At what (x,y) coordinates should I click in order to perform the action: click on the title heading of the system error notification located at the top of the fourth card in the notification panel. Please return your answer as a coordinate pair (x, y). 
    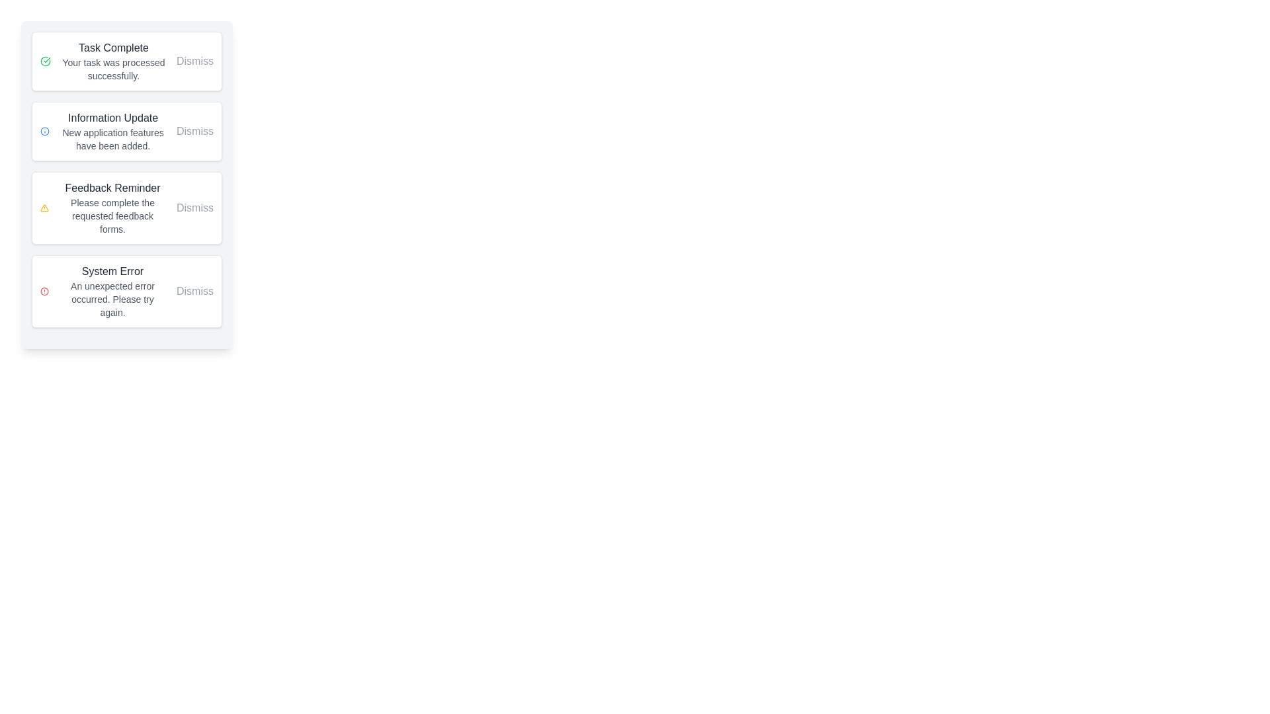
    Looking at the image, I should click on (112, 271).